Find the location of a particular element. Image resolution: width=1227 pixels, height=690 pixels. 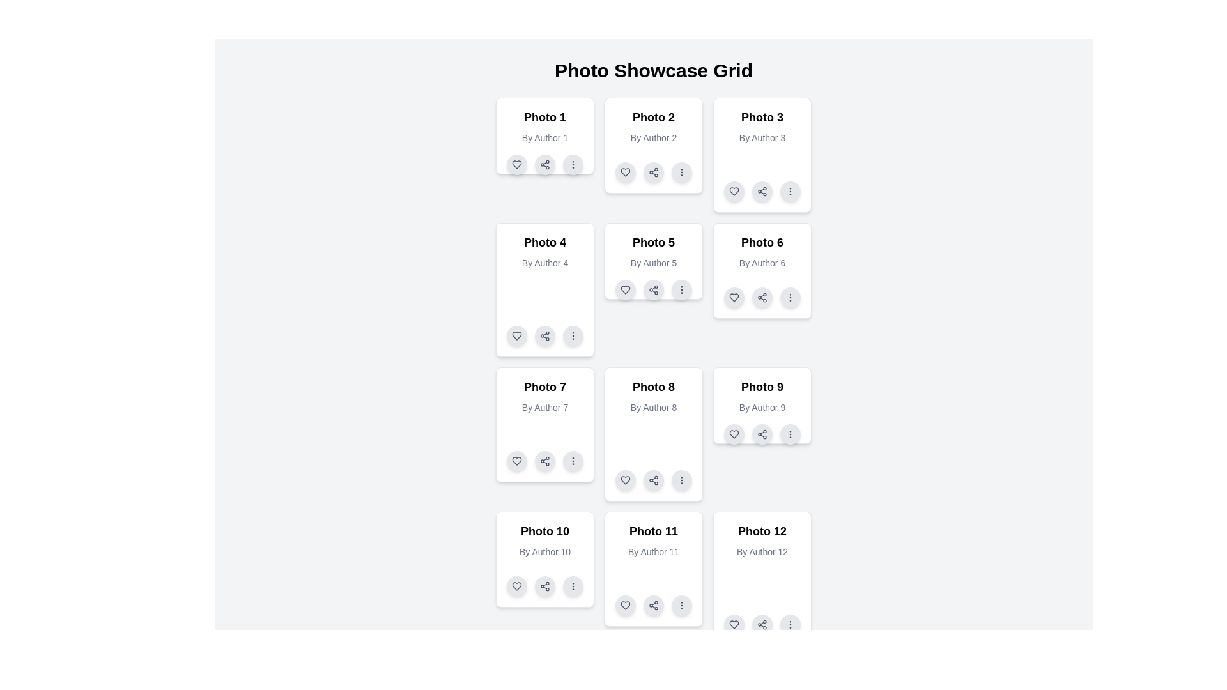

the heart icon in the bottom row of interactive icons within the card labeled 'Photo 9' is located at coordinates (734, 433).